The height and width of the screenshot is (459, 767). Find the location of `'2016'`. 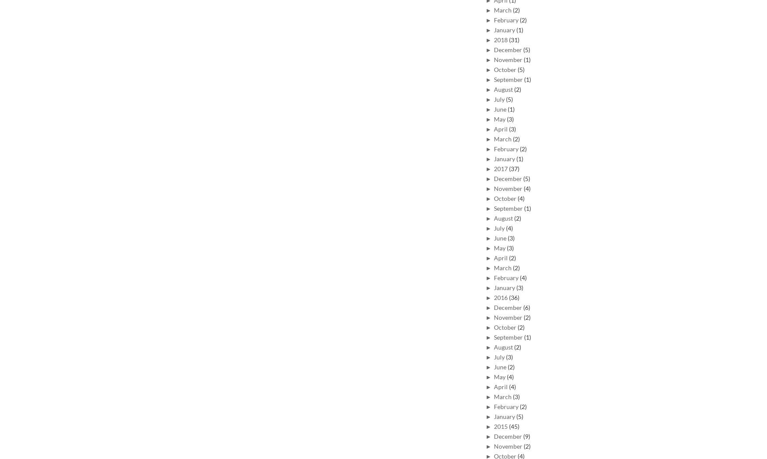

'2016' is located at coordinates (501, 297).